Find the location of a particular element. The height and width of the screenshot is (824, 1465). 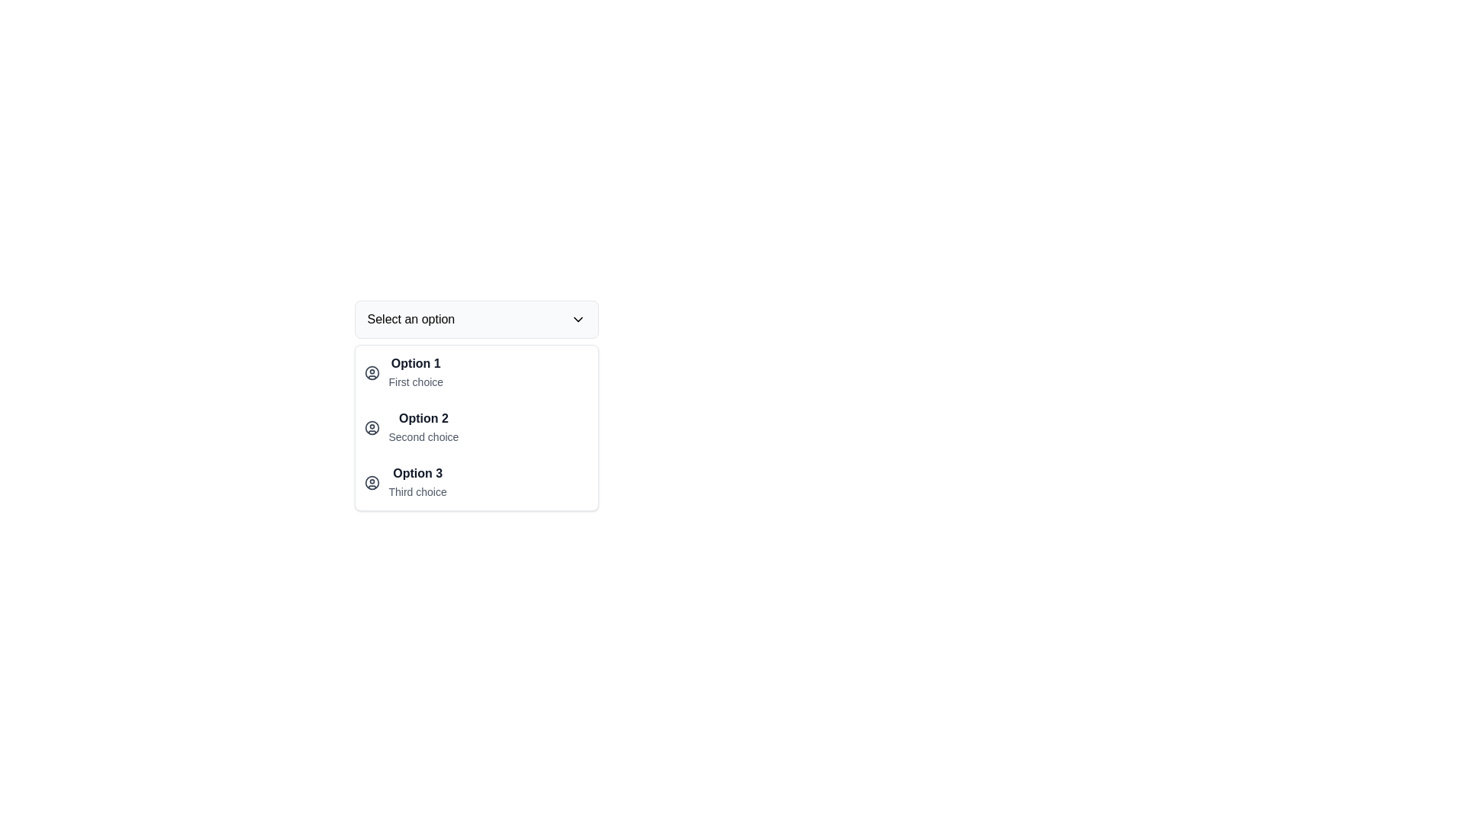

the user avatar icon located at the leftmost side of the 'Option 2' entry in the dropdown menu is located at coordinates (372, 427).